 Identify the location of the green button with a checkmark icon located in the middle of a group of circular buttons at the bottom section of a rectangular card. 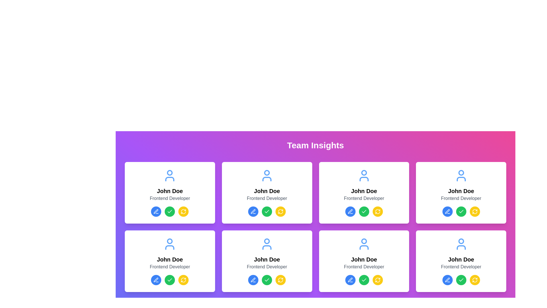
(170, 211).